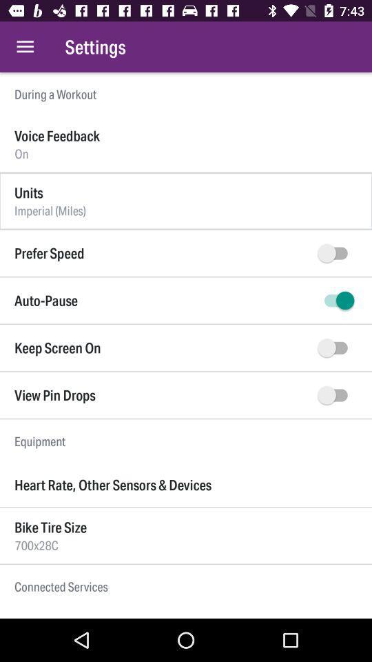 Image resolution: width=372 pixels, height=662 pixels. What do you see at coordinates (335, 252) in the screenshot?
I see `speed button` at bounding box center [335, 252].